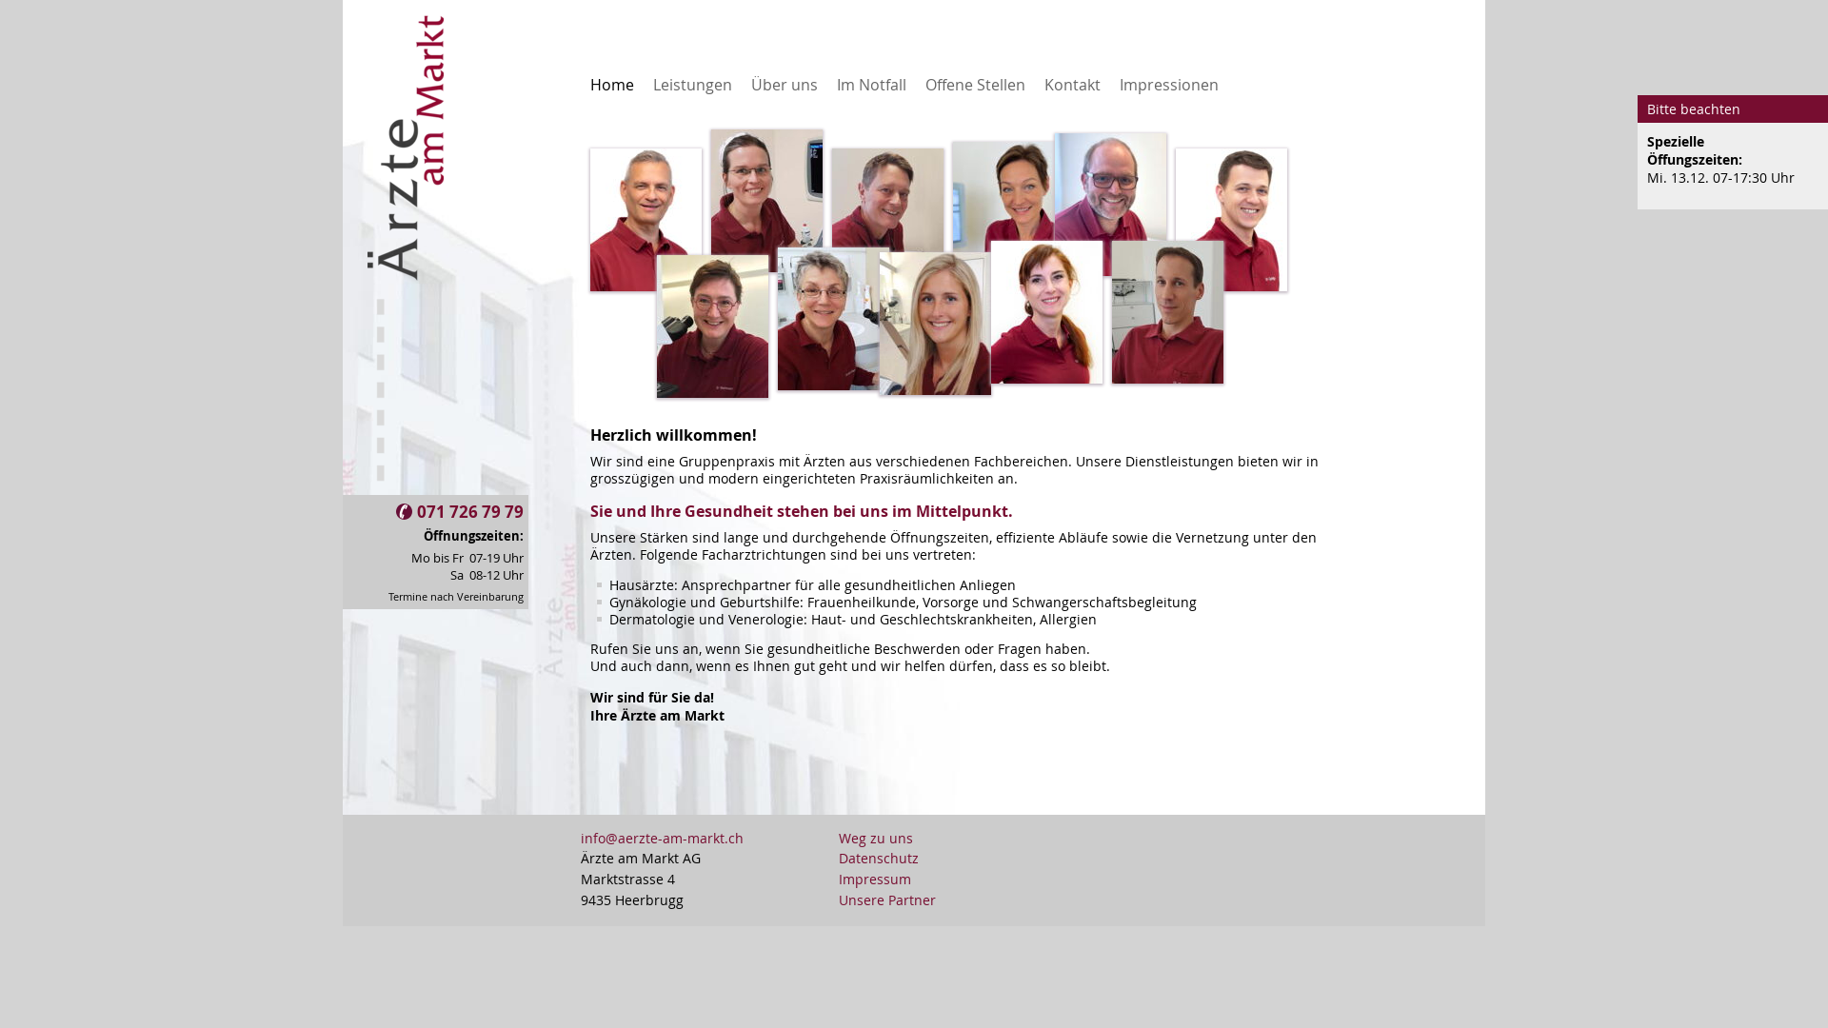 This screenshot has height=1028, width=1828. What do you see at coordinates (1168, 83) in the screenshot?
I see `'Impressionen'` at bounding box center [1168, 83].